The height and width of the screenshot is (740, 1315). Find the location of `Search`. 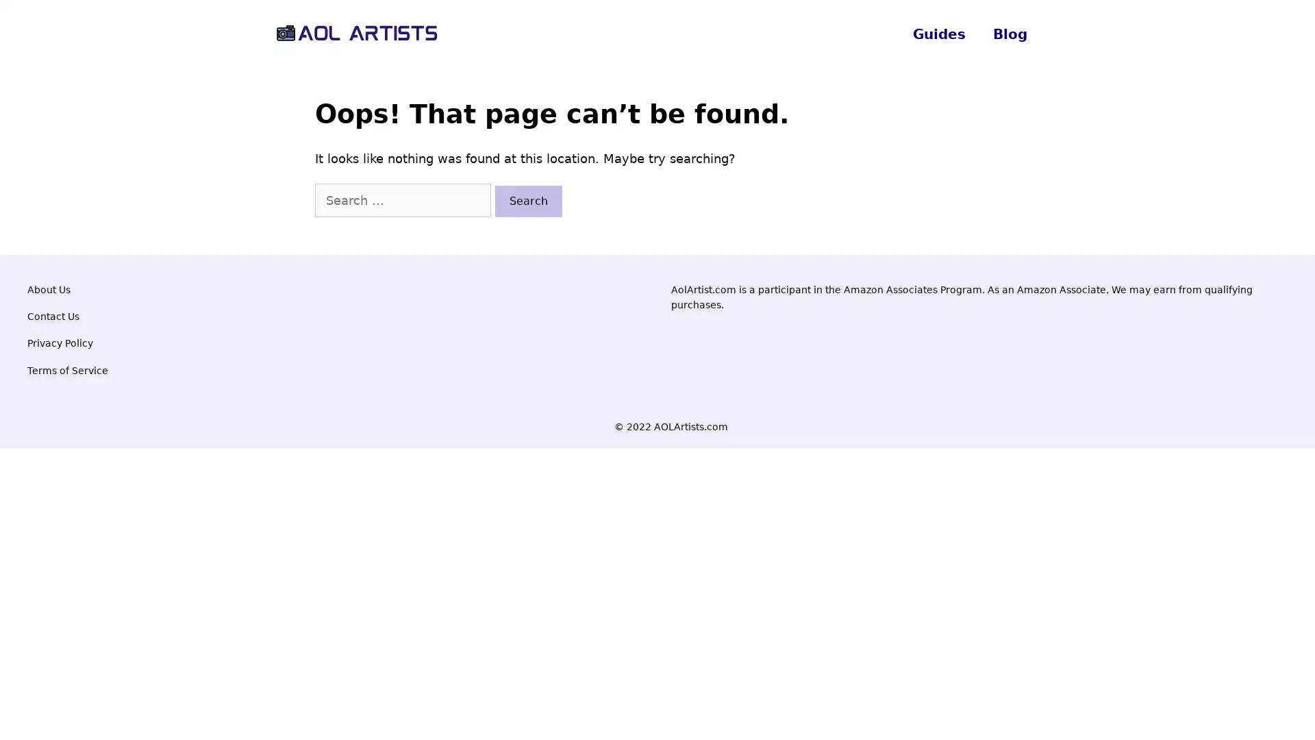

Search is located at coordinates (528, 201).